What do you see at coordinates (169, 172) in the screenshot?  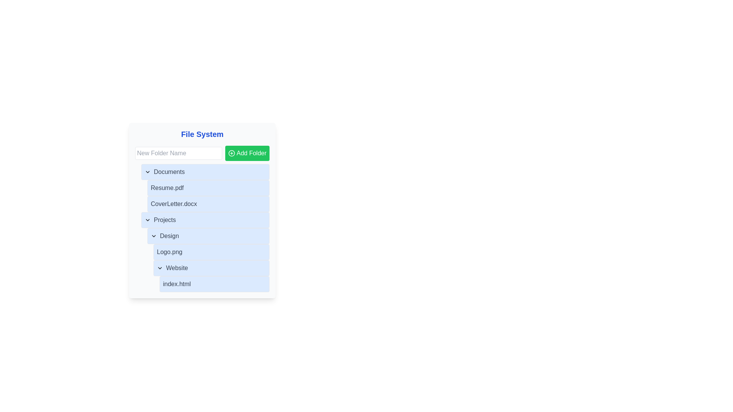 I see `the 'Documents' text label, which is the first item in the file system folder structure` at bounding box center [169, 172].